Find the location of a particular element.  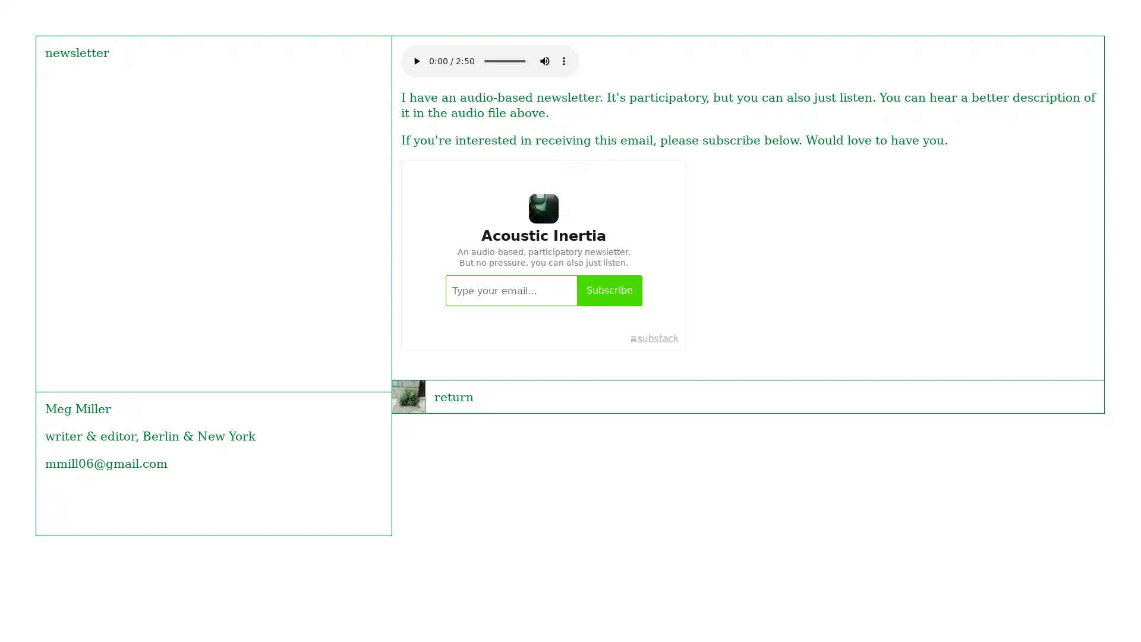

mute is located at coordinates (544, 60).